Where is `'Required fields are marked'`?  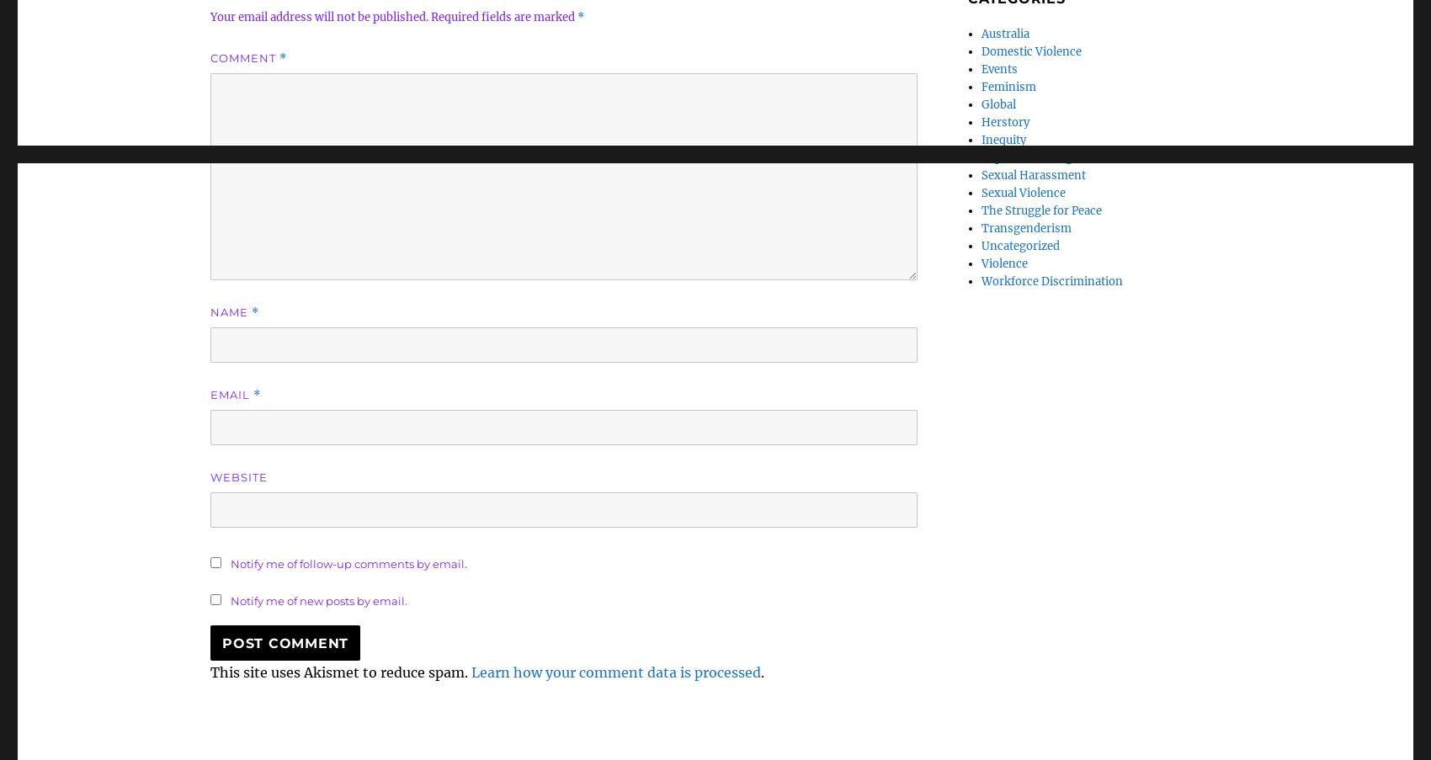
'Required fields are marked' is located at coordinates (503, 16).